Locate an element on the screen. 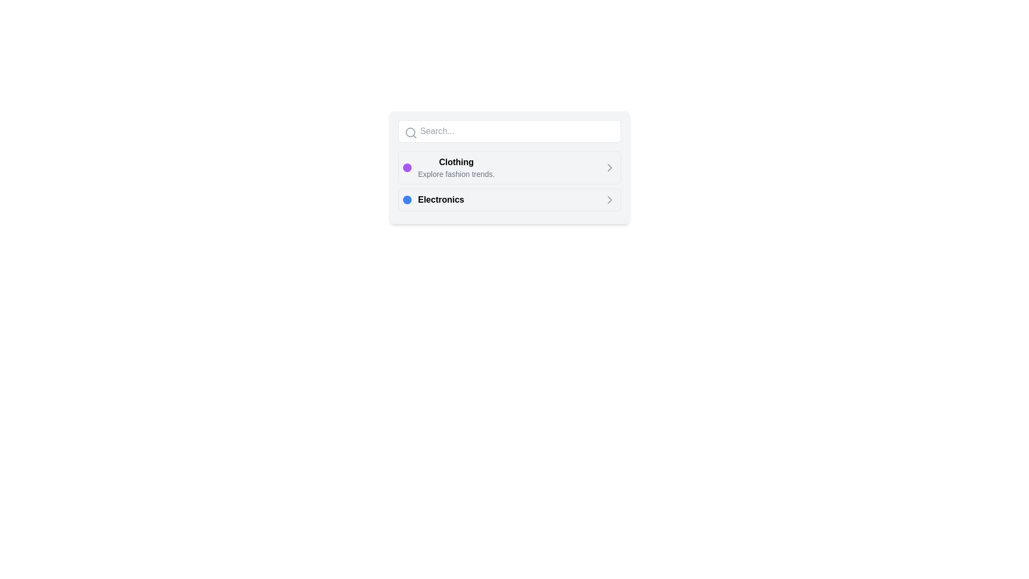 This screenshot has height=579, width=1029. the second text label in the vertical list that serves as a title for a category or section is located at coordinates (441, 200).